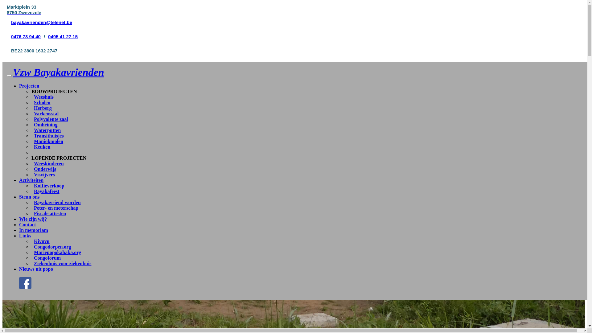  Describe the element at coordinates (31, 135) in the screenshot. I see `'Transithuisjes'` at that location.